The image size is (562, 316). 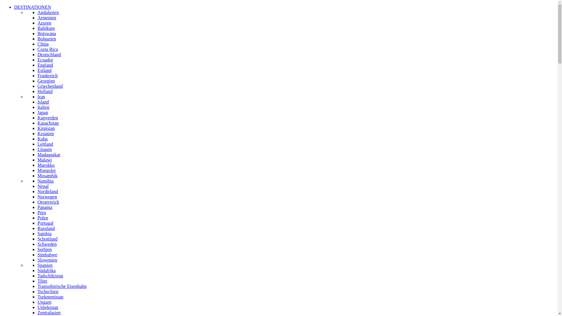 I want to click on 'Kapverden', so click(x=48, y=118).